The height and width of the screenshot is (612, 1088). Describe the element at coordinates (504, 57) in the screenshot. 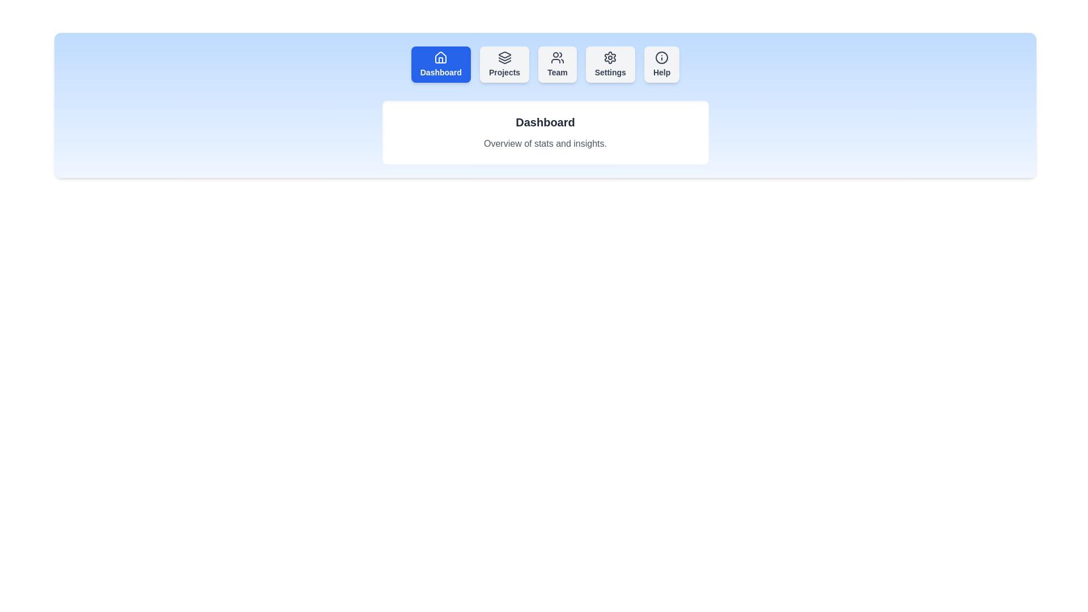

I see `the icon of the Projects tab` at that location.